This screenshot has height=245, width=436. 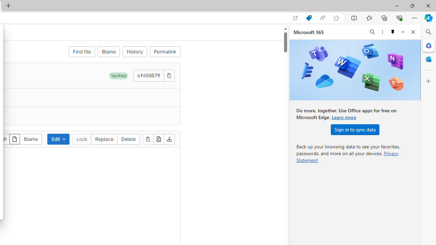 What do you see at coordinates (308, 18) in the screenshot?
I see `'Shopping in Microsoft Edge'` at bounding box center [308, 18].